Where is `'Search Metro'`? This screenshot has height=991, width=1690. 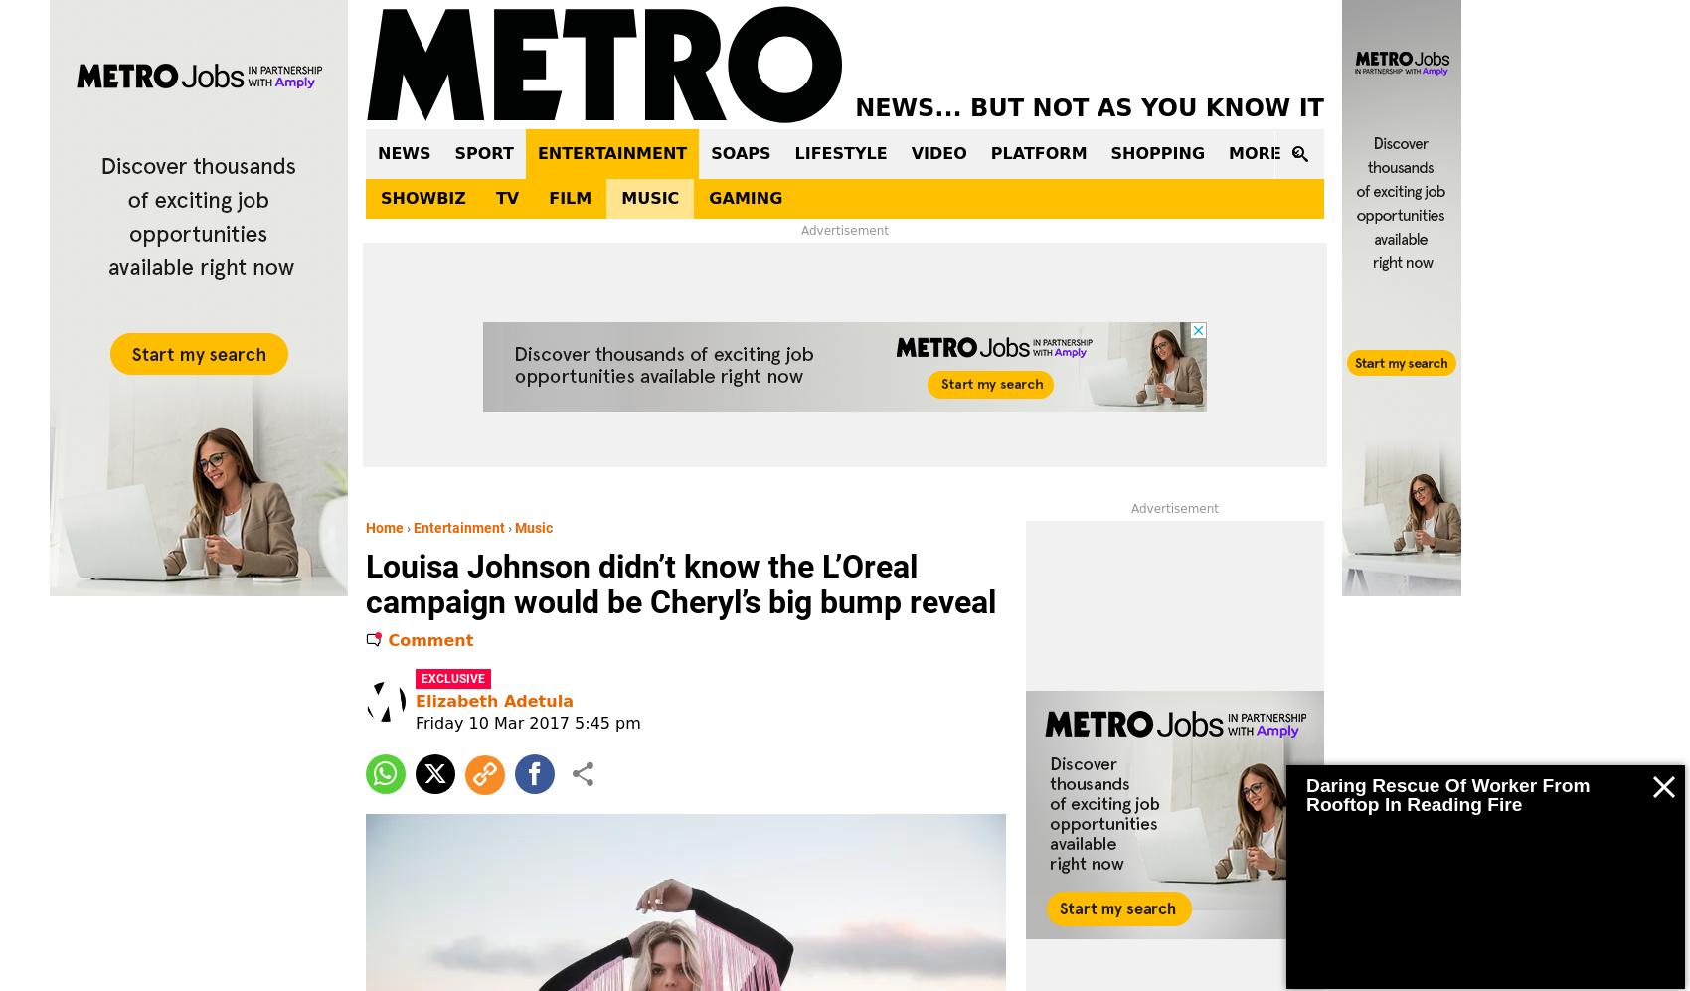 'Search Metro' is located at coordinates (1311, 227).